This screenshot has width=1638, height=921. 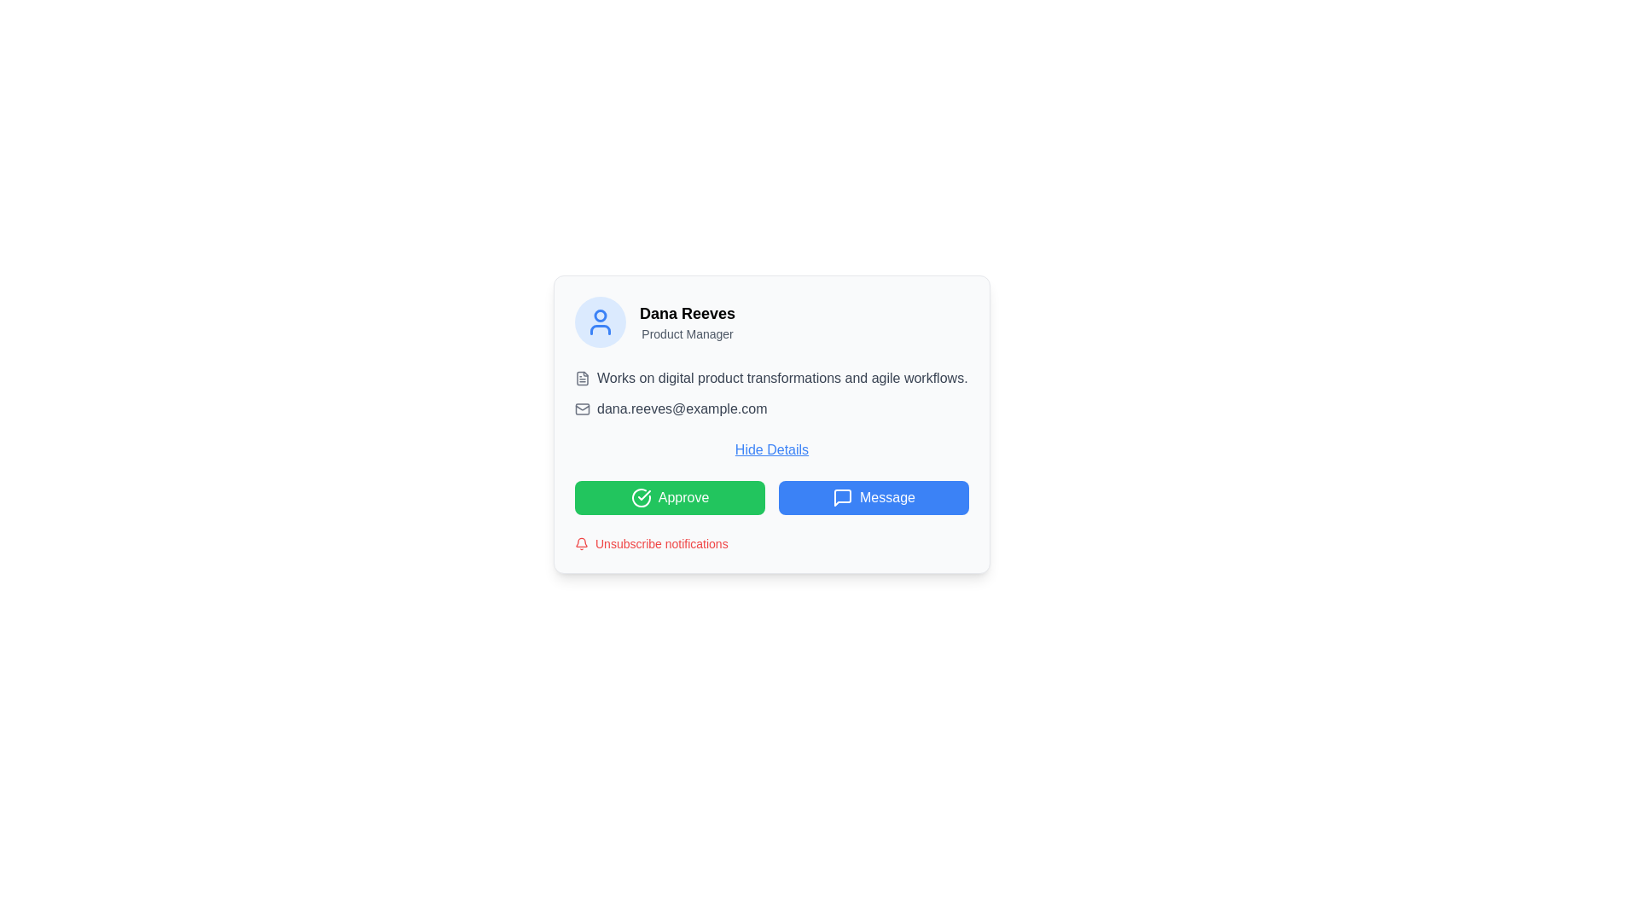 What do you see at coordinates (771, 377) in the screenshot?
I see `the static text element that displays 'Works on digital product transformations and agile workflows.' which is styled with a regular font and preceded by an icon of a document, located beneath the header 'Dana Reeves' and above the email address 'dana.reeves@example.com'` at bounding box center [771, 377].